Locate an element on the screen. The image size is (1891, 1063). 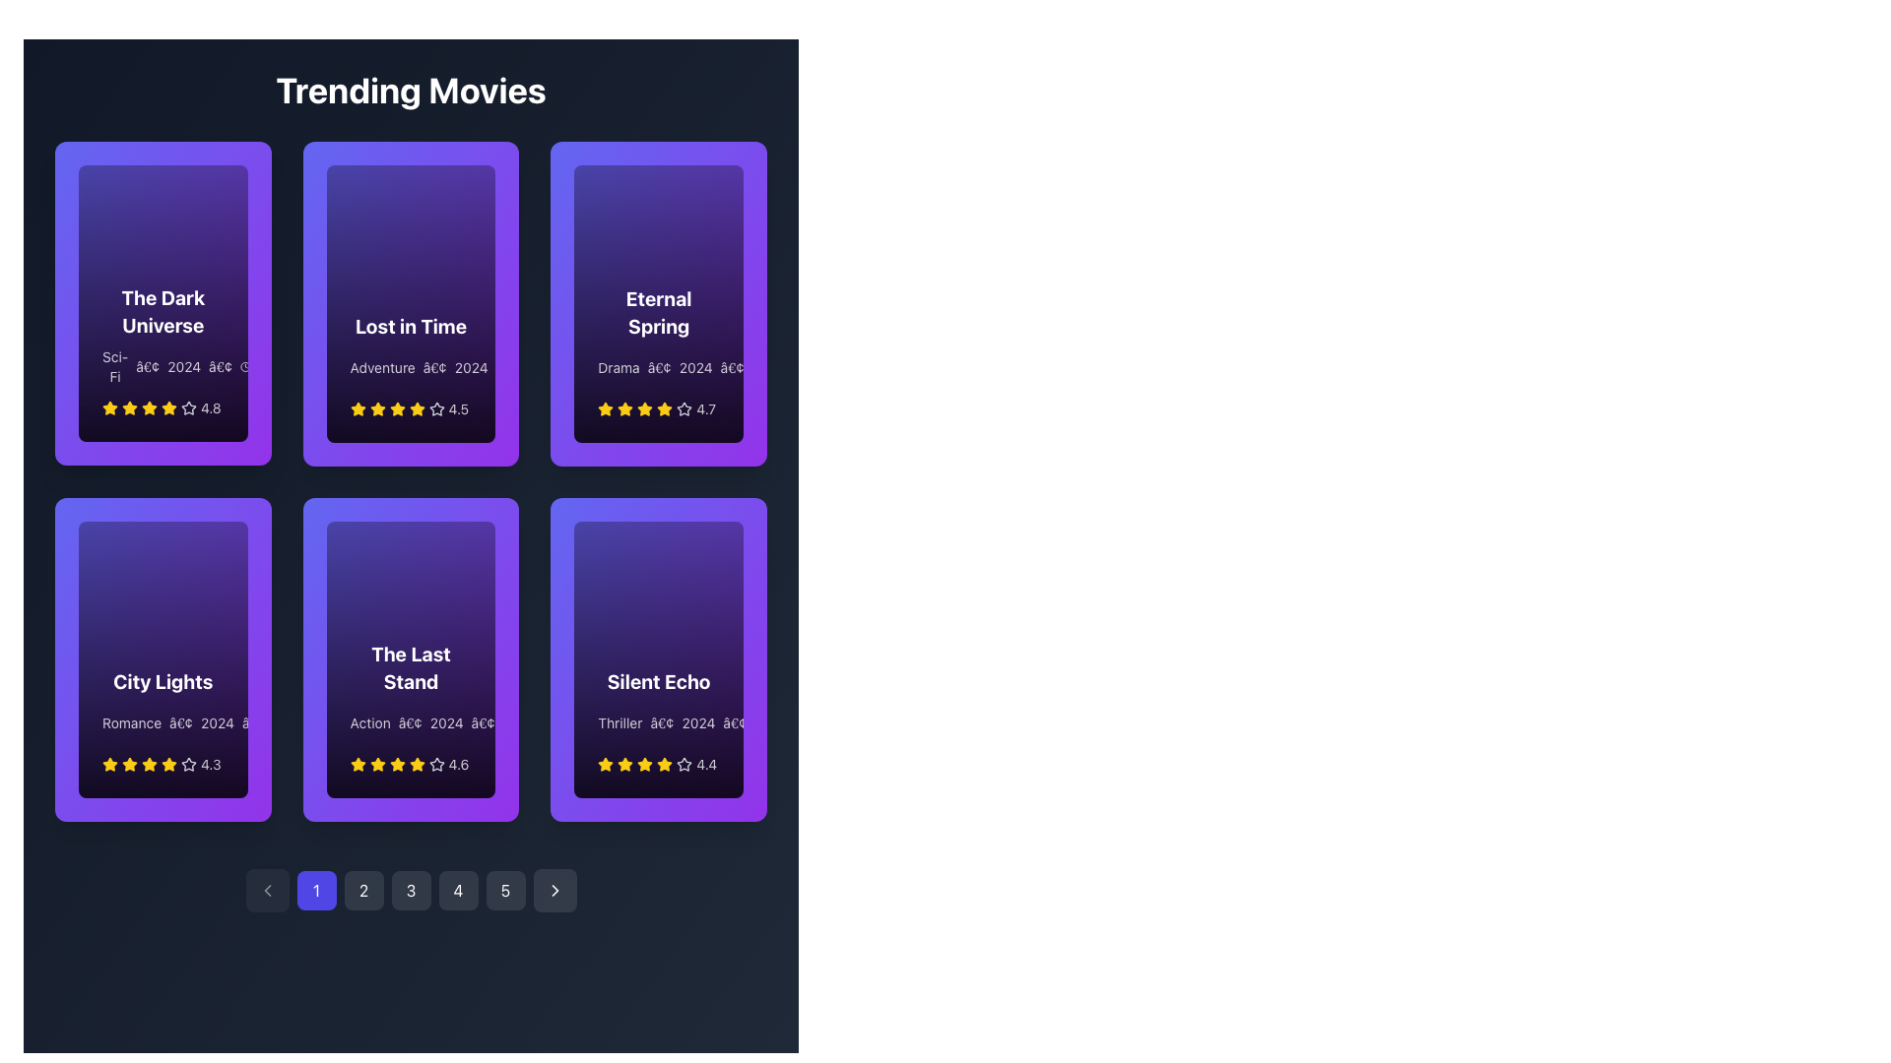
numeric rating value ('4.8') displayed next to the five star icons in the rating system for the movie 'The Dark Universe', located at the bottom section of the card is located at coordinates (163, 407).